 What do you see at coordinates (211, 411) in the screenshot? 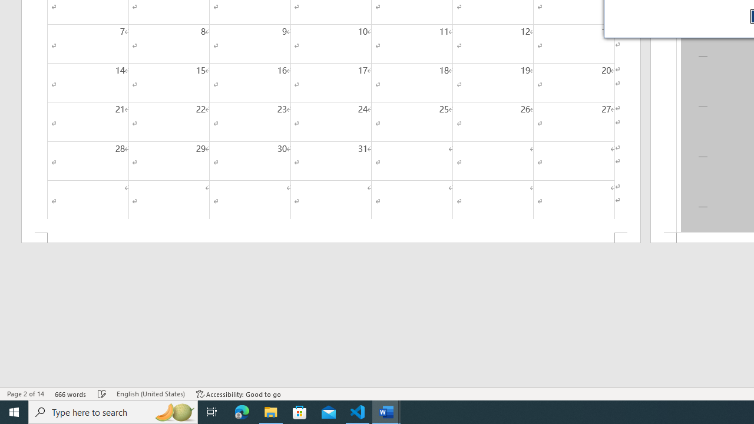
I see `'Task View'` at bounding box center [211, 411].